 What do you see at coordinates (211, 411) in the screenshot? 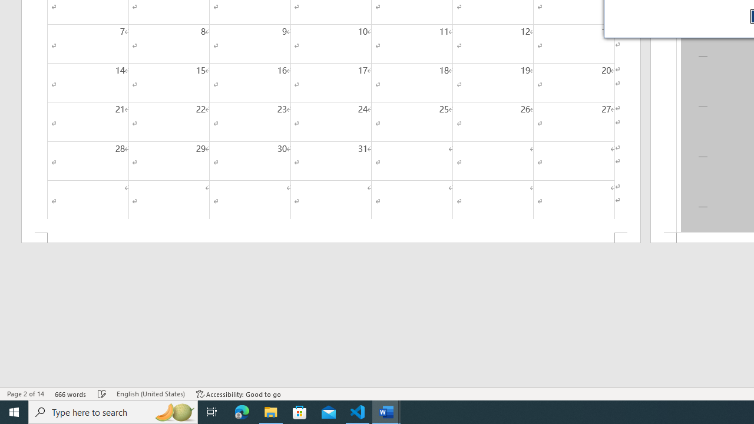
I see `'Task View'` at bounding box center [211, 411].